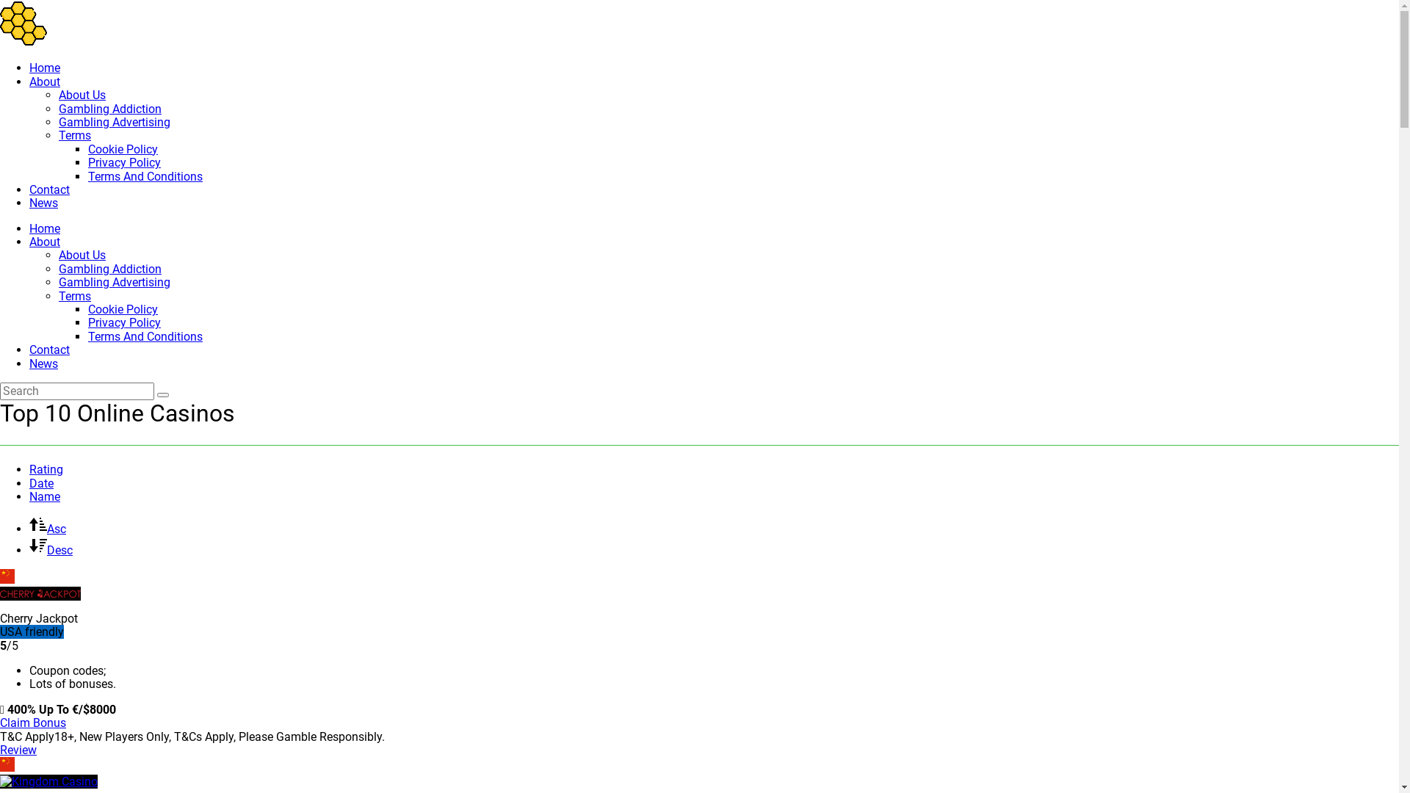  I want to click on 'Desc', so click(51, 550).